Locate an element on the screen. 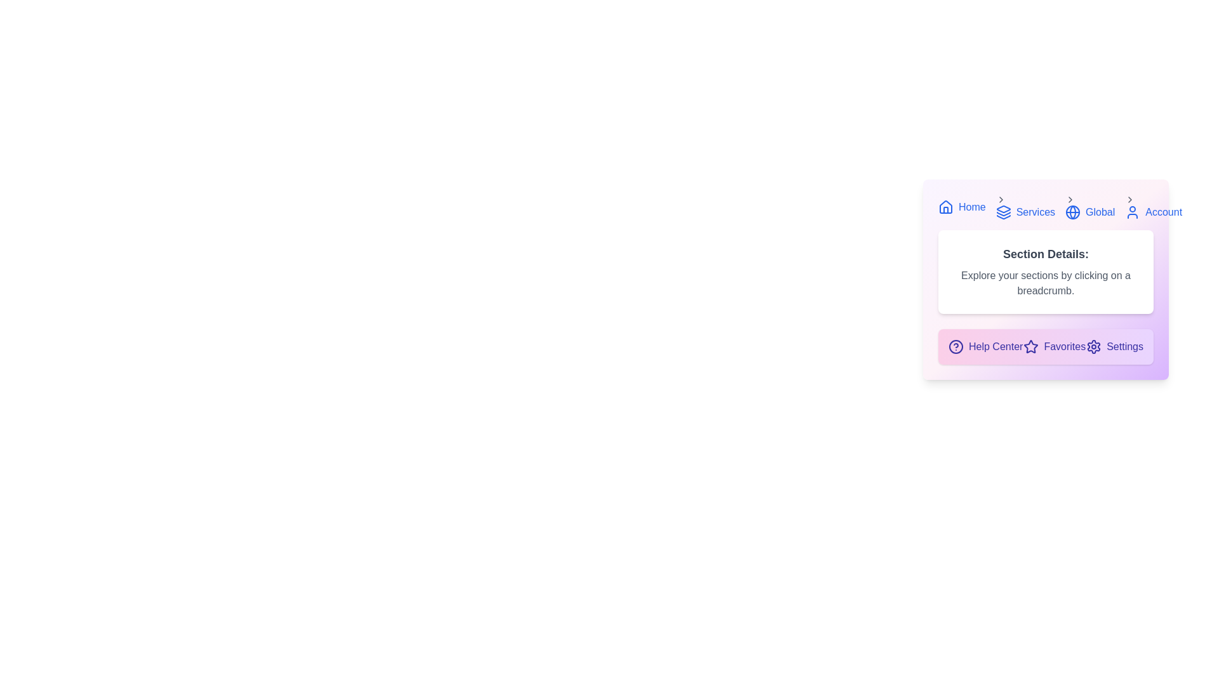  the Settings Icon located in the lower-right corner of the interface is located at coordinates (1093, 347).